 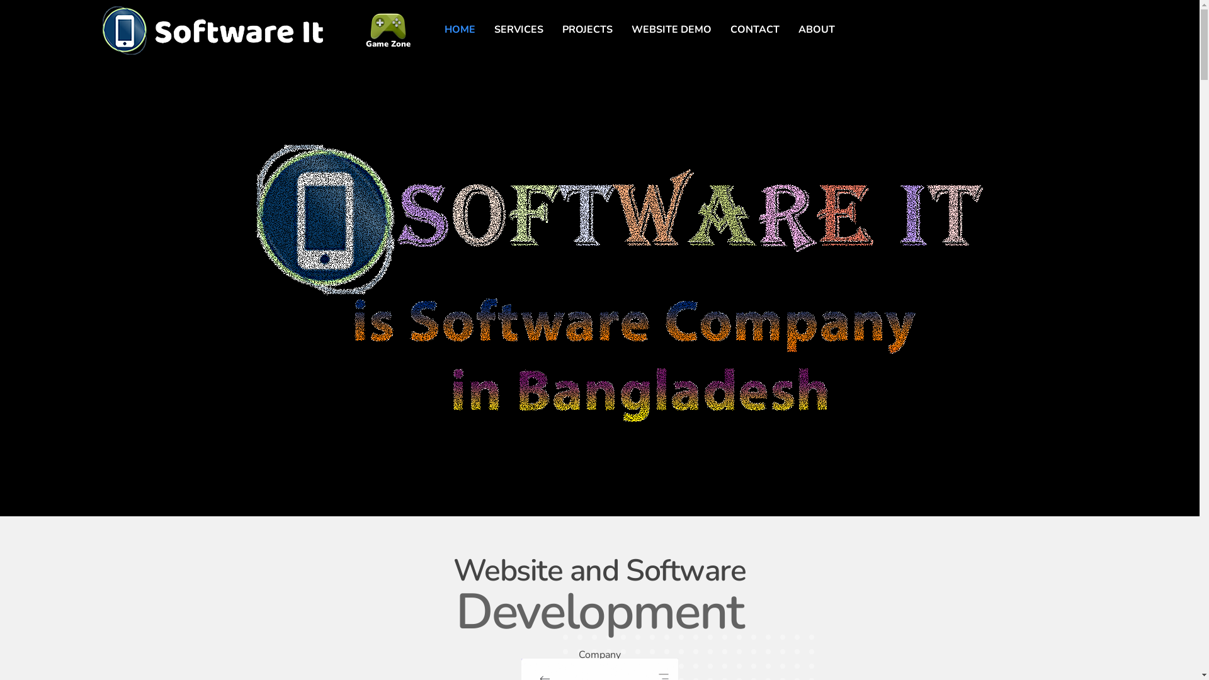 What do you see at coordinates (519, 28) in the screenshot?
I see `'SERVICES'` at bounding box center [519, 28].